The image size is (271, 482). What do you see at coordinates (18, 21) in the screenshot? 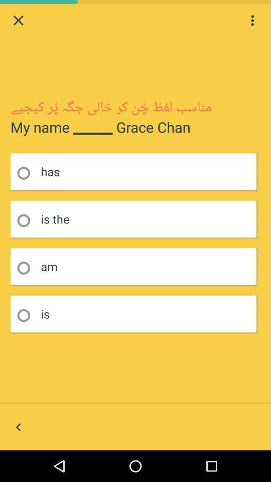
I see `the close icon` at bounding box center [18, 21].